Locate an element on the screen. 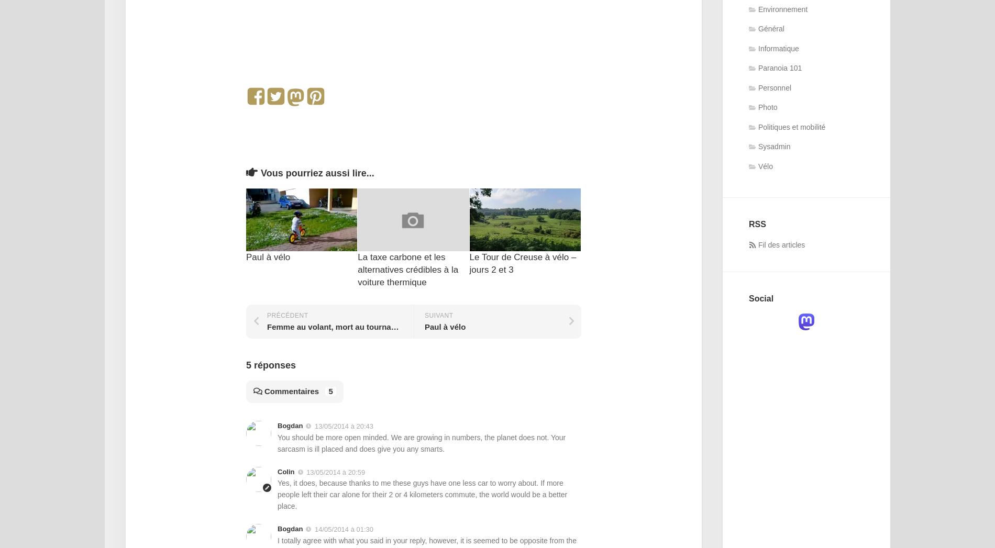 The width and height of the screenshot is (995, 548). 'Vélo' is located at coordinates (766, 165).